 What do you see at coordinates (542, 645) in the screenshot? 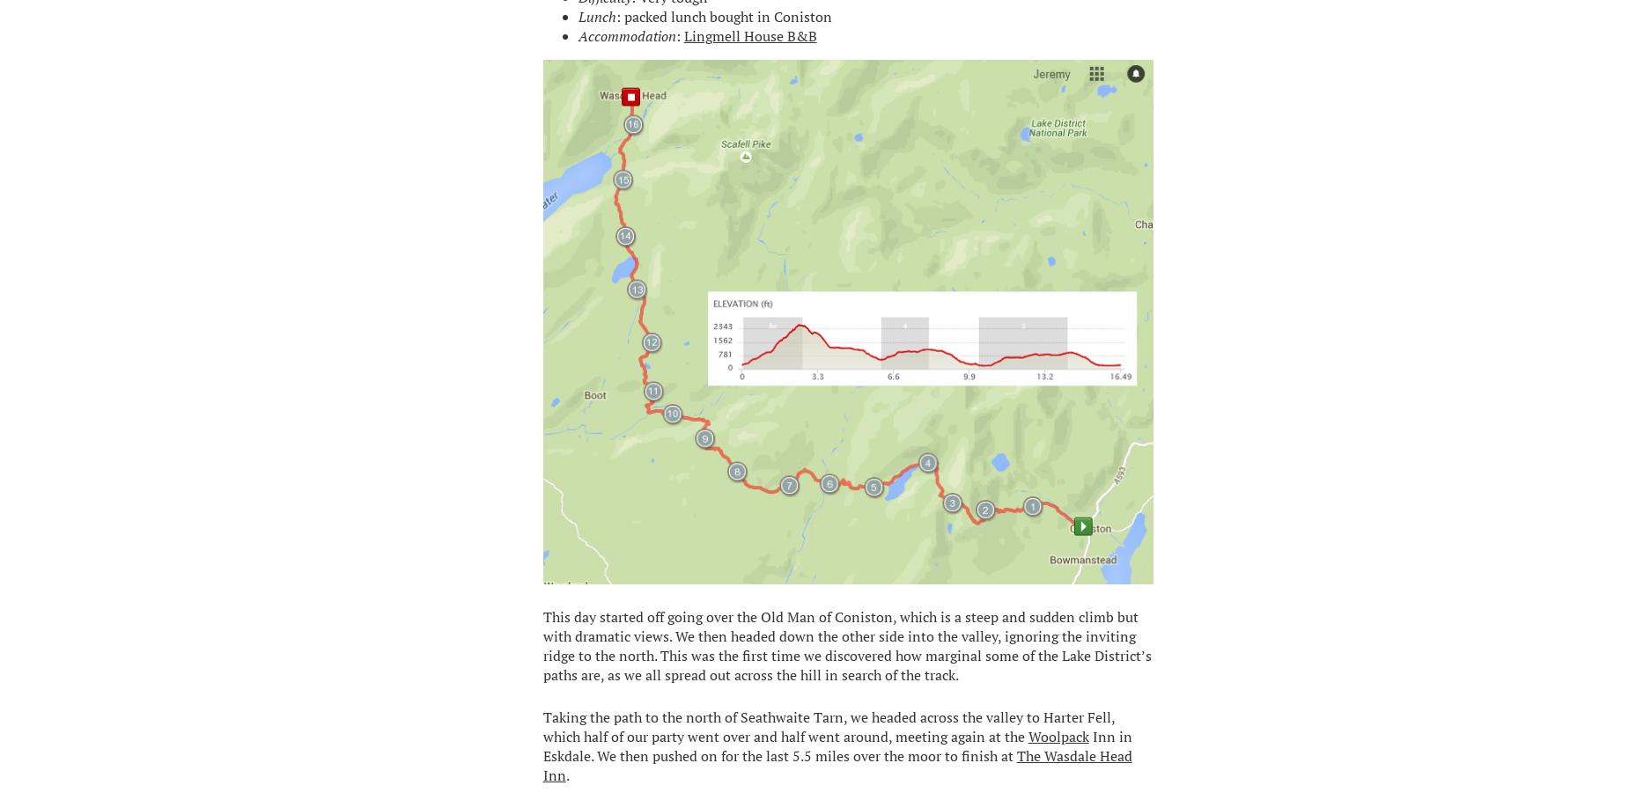
I see `'This day started off going over the Old Man of Coniston, which is a steep and sudden climb but with dramatic views.  We then headed down the other side into the valley, ignoring the inviting ridge to the north.  This was the first time we discovered how marginal some of the Lake District’s paths are, as we all spread out across the hill in search of the track.'` at bounding box center [542, 645].